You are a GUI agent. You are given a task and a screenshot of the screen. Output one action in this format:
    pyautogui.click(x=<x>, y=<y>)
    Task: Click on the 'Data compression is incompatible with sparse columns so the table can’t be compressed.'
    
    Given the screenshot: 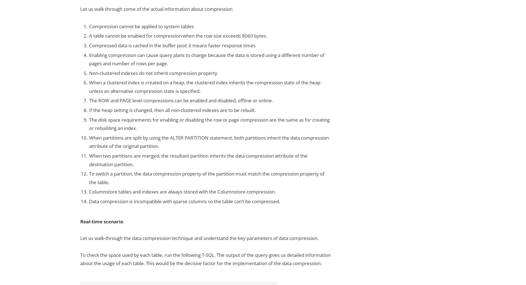 What is the action you would take?
    pyautogui.click(x=184, y=201)
    